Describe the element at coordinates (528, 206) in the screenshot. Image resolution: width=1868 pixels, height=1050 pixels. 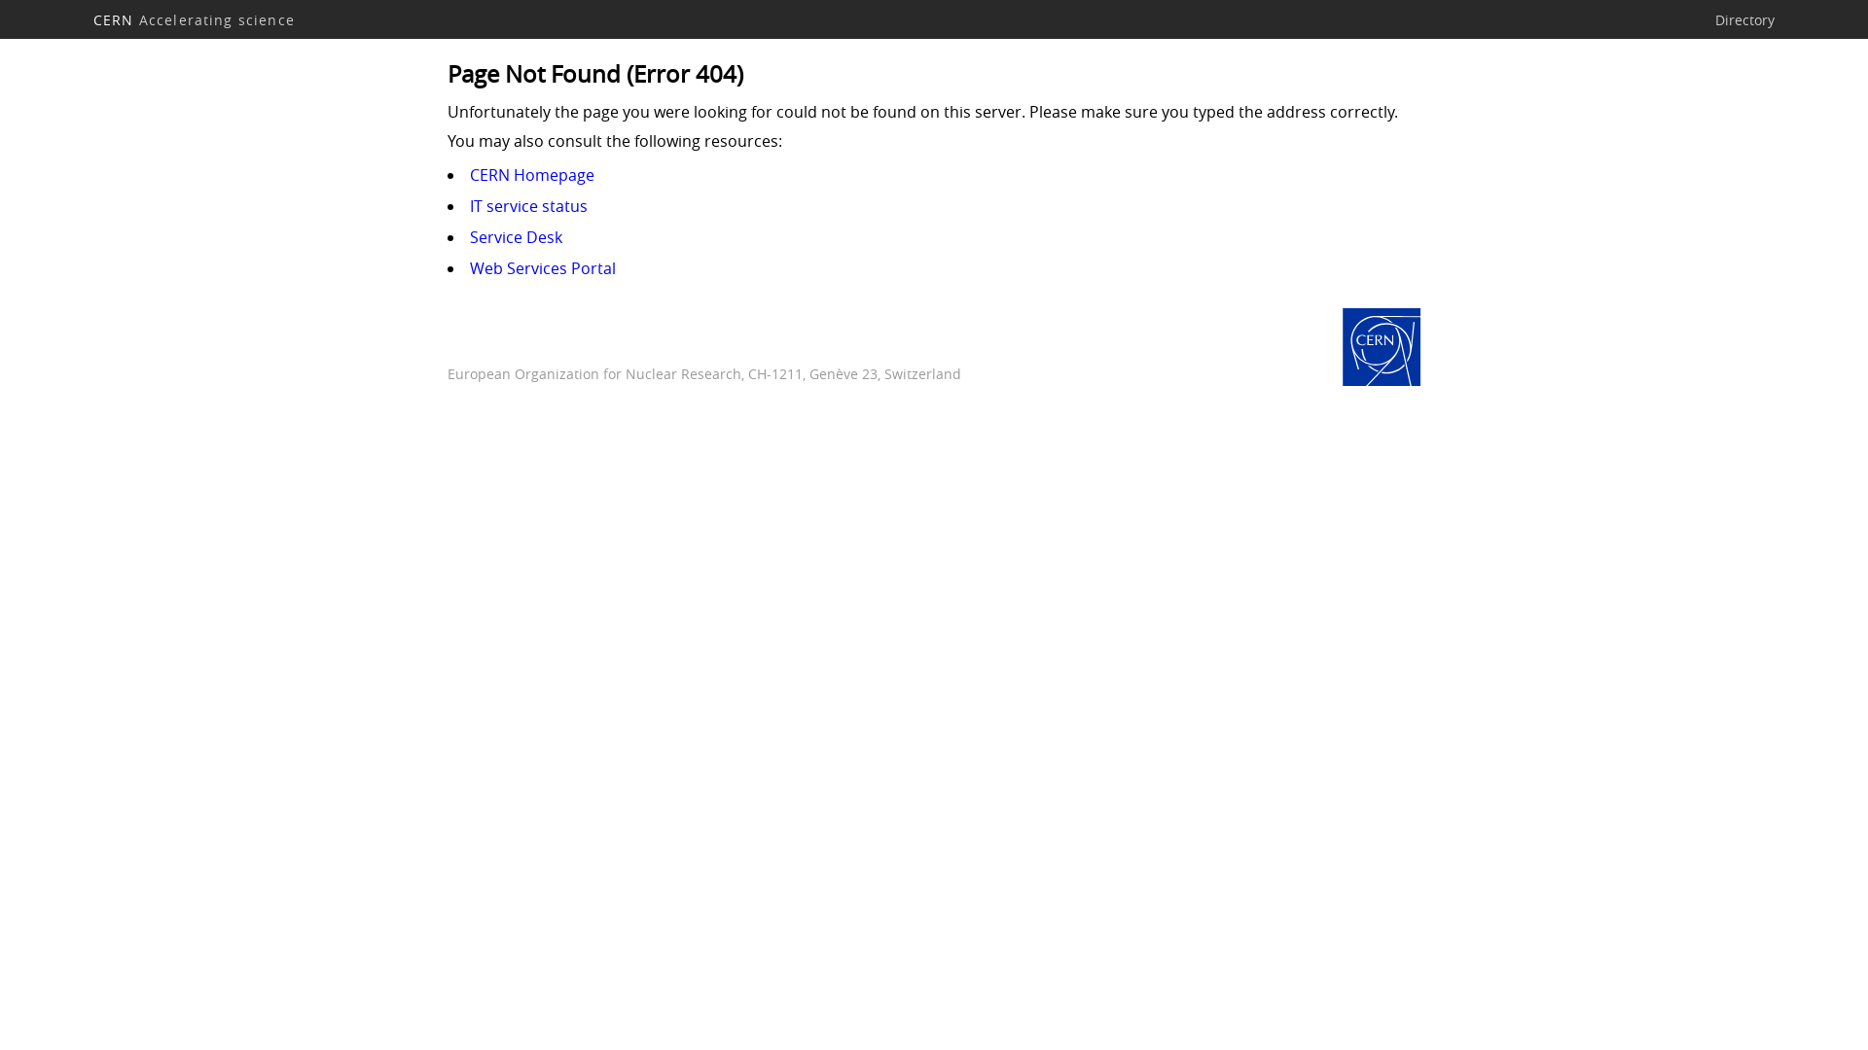
I see `'IT service status'` at that location.